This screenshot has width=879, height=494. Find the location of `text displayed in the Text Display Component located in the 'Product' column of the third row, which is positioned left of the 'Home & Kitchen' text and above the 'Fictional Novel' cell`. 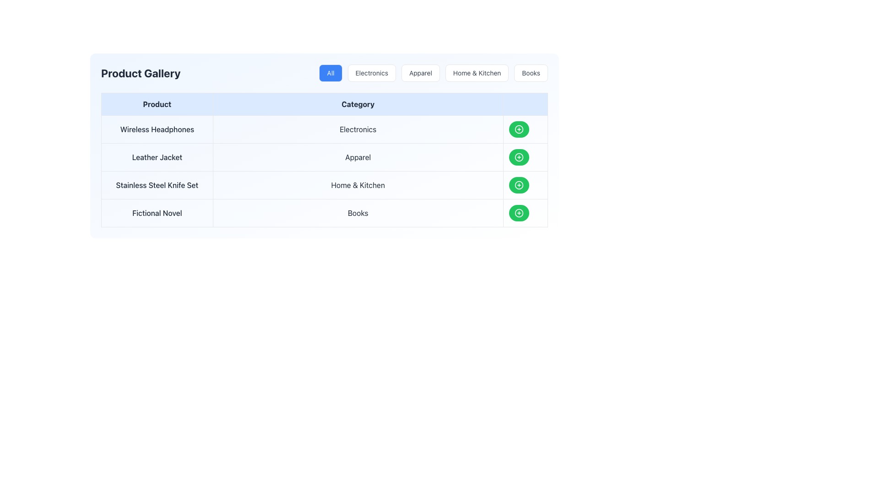

text displayed in the Text Display Component located in the 'Product' column of the third row, which is positioned left of the 'Home & Kitchen' text and above the 'Fictional Novel' cell is located at coordinates (157, 185).